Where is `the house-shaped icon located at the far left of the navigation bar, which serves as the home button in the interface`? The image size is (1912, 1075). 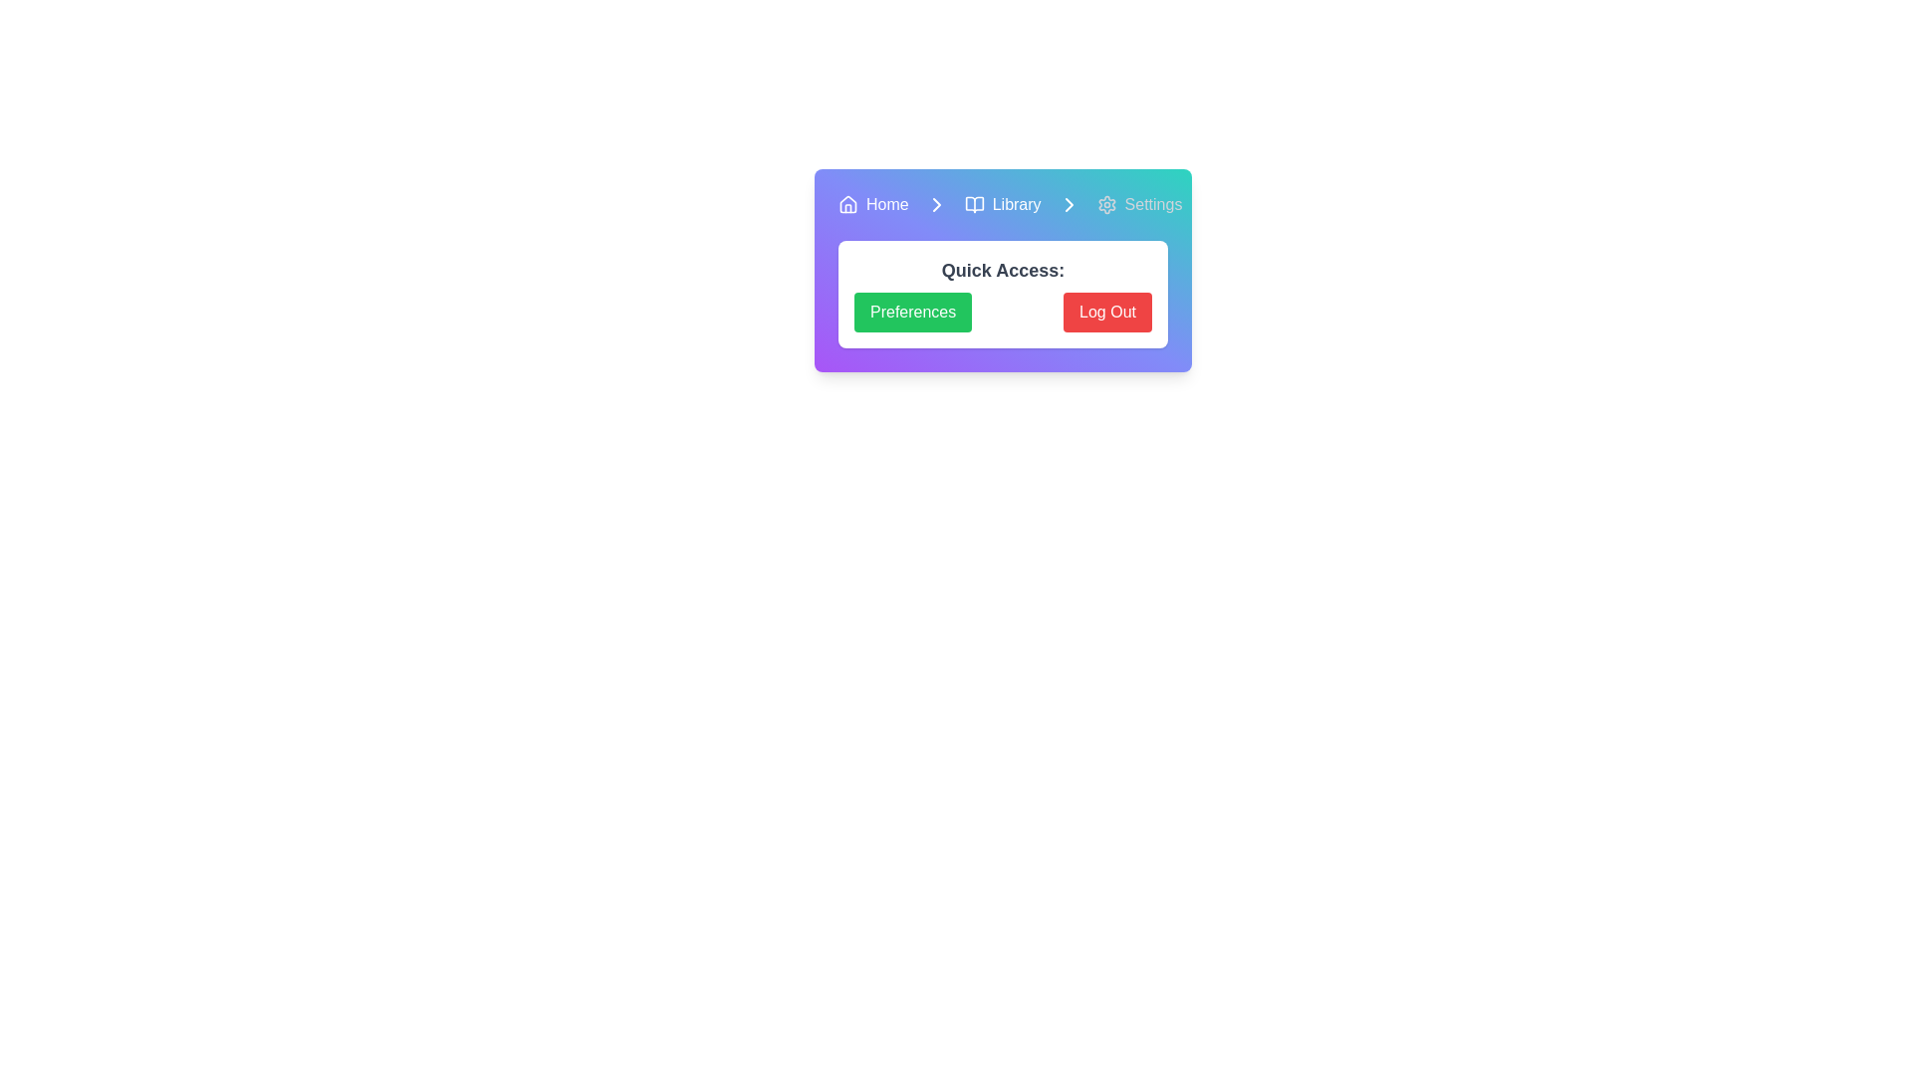 the house-shaped icon located at the far left of the navigation bar, which serves as the home button in the interface is located at coordinates (847, 203).